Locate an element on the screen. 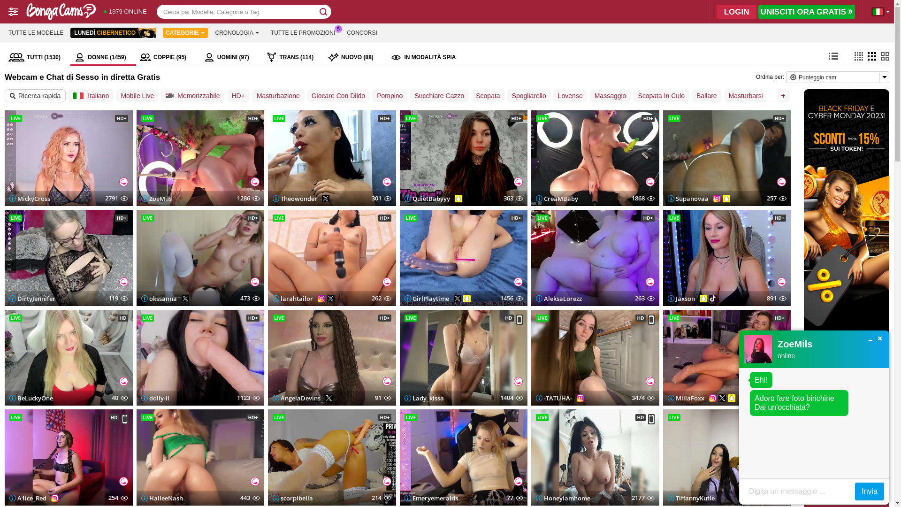 This screenshot has width=901, height=507. 'AngelaDevins' is located at coordinates (296, 398).